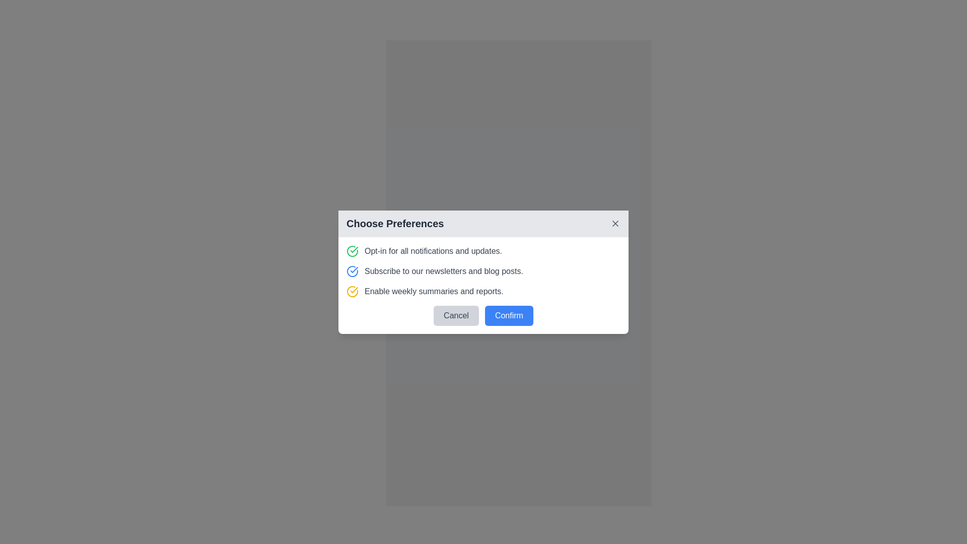 This screenshot has width=967, height=544. What do you see at coordinates (483, 270) in the screenshot?
I see `to select the option labeled 'Subscribe to our newsletters and blog posts.' which is the second option under the 'Choose Preferences' heading` at bounding box center [483, 270].